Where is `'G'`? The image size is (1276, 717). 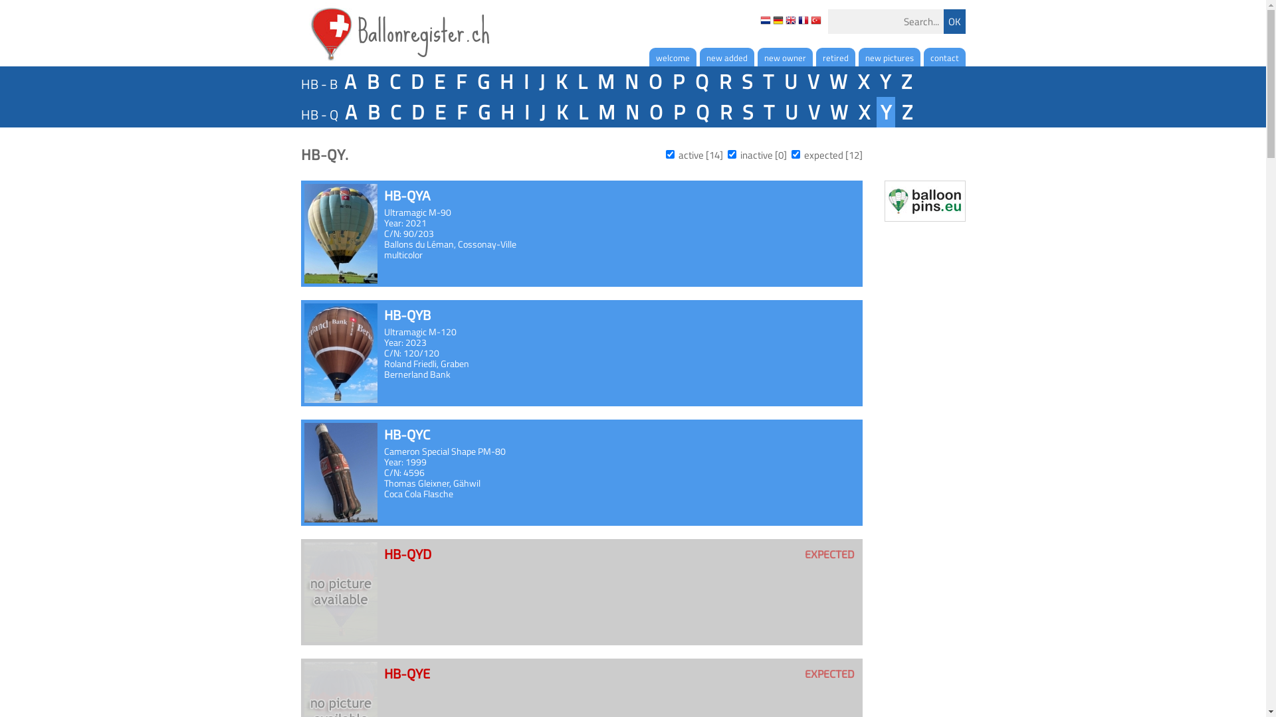 'G' is located at coordinates (473, 112).